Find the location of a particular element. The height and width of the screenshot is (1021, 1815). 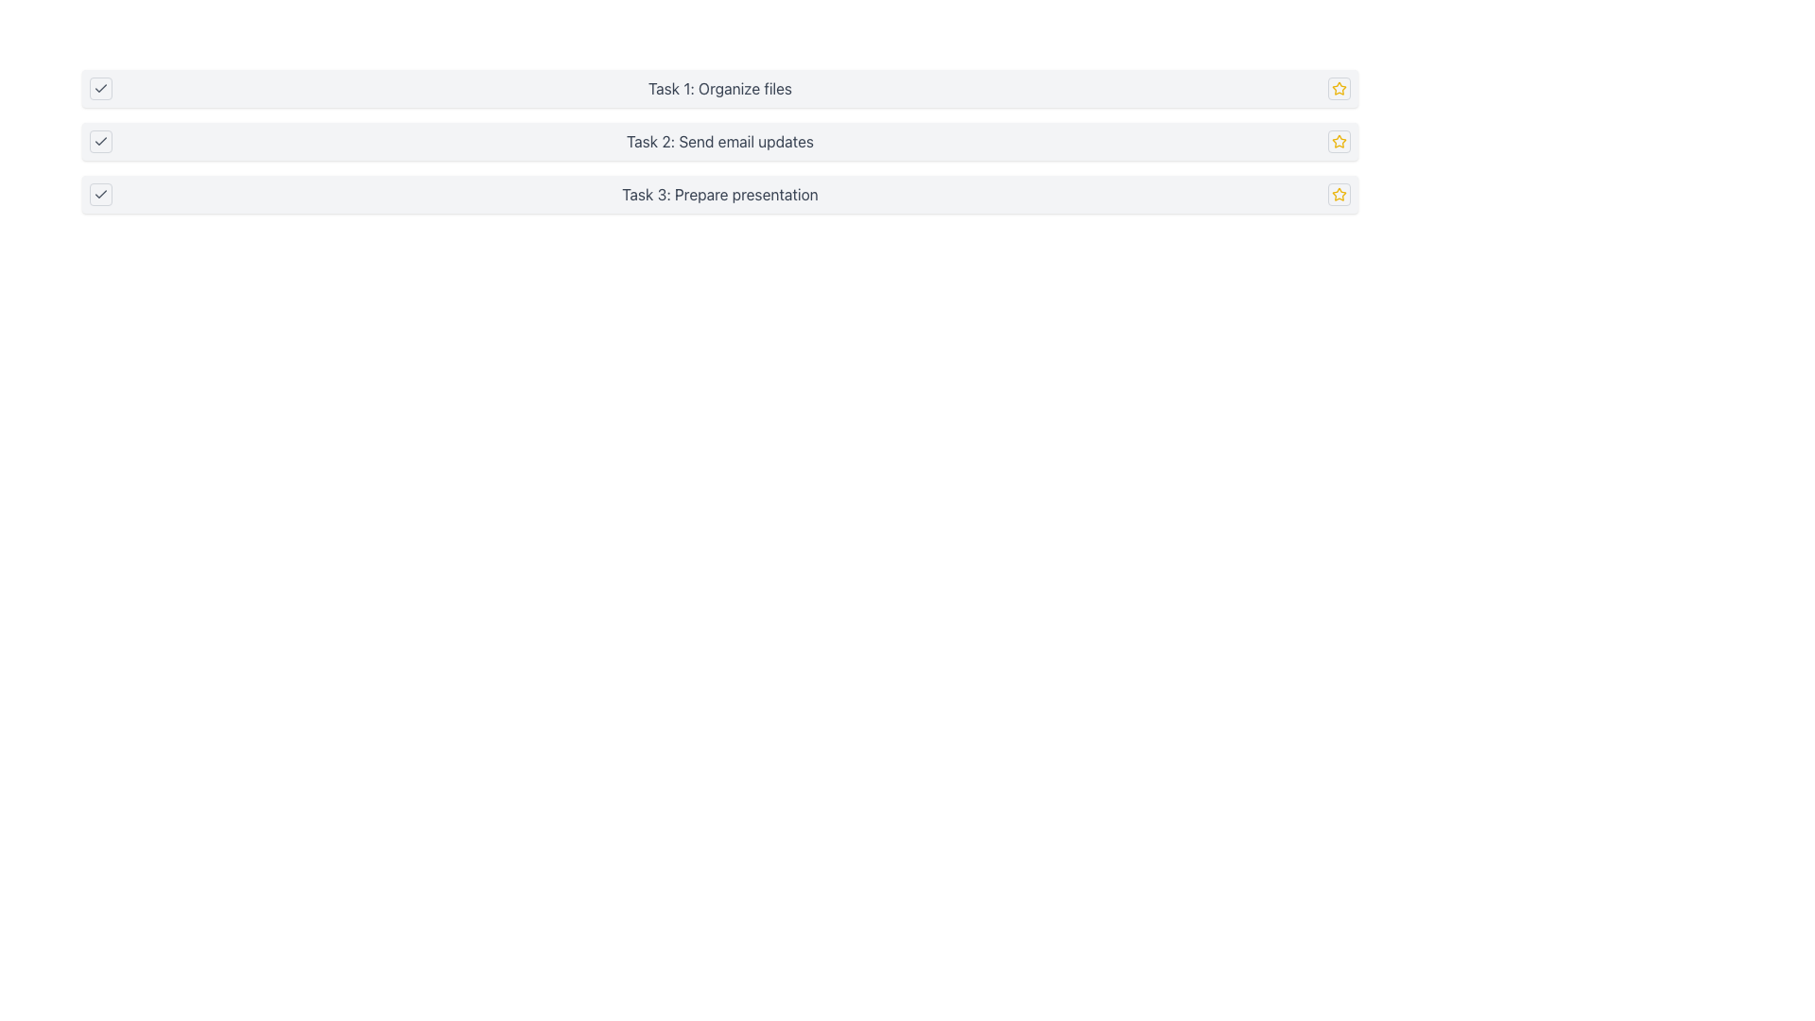

the graphic icon on the far right of the topmost row ('Task 1: Organize files') to mark it as a favorite is located at coordinates (1338, 87).